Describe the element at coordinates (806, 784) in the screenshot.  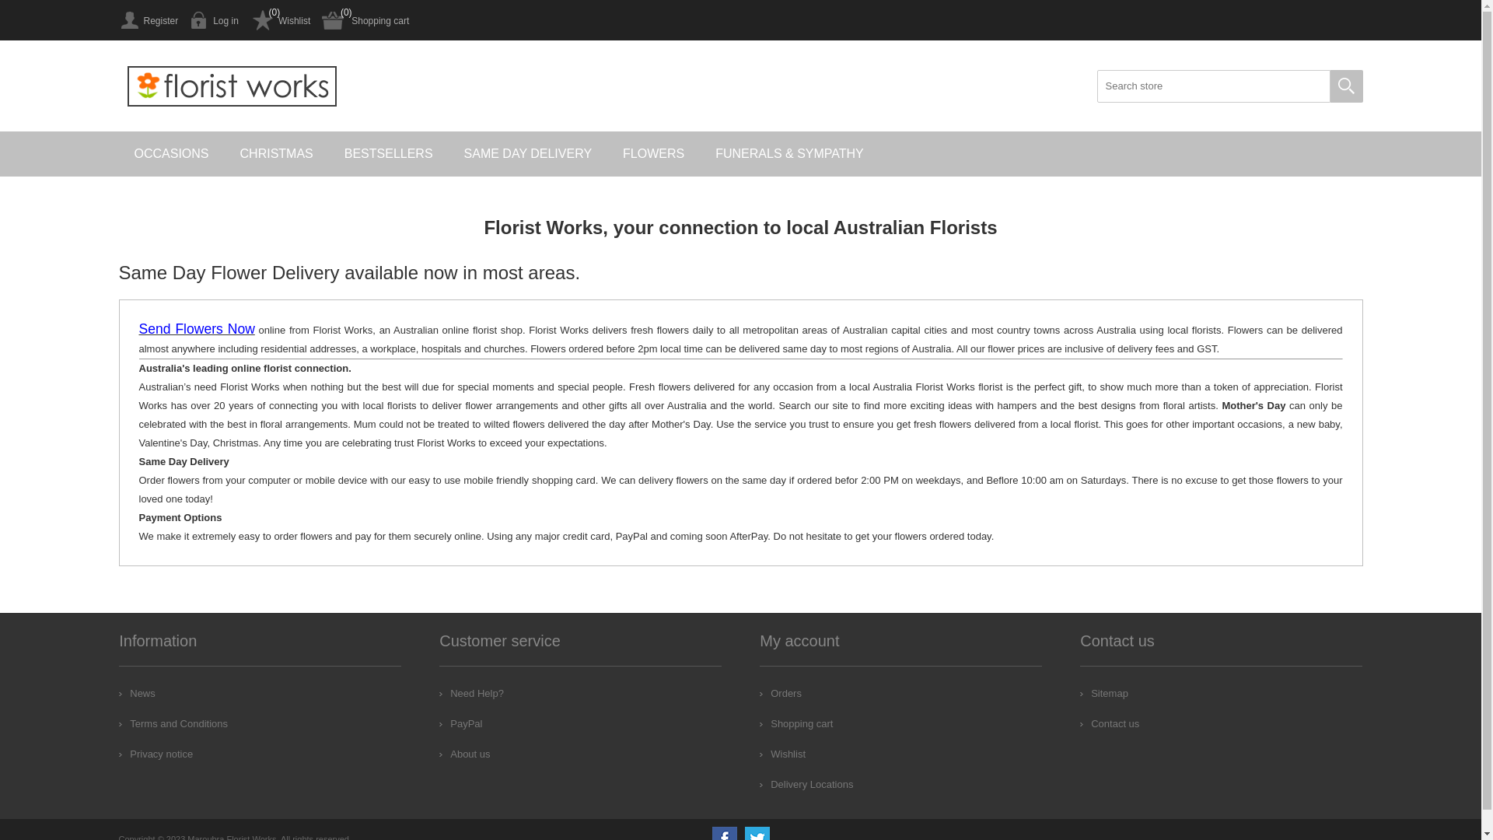
I see `'Delivery Locations'` at that location.